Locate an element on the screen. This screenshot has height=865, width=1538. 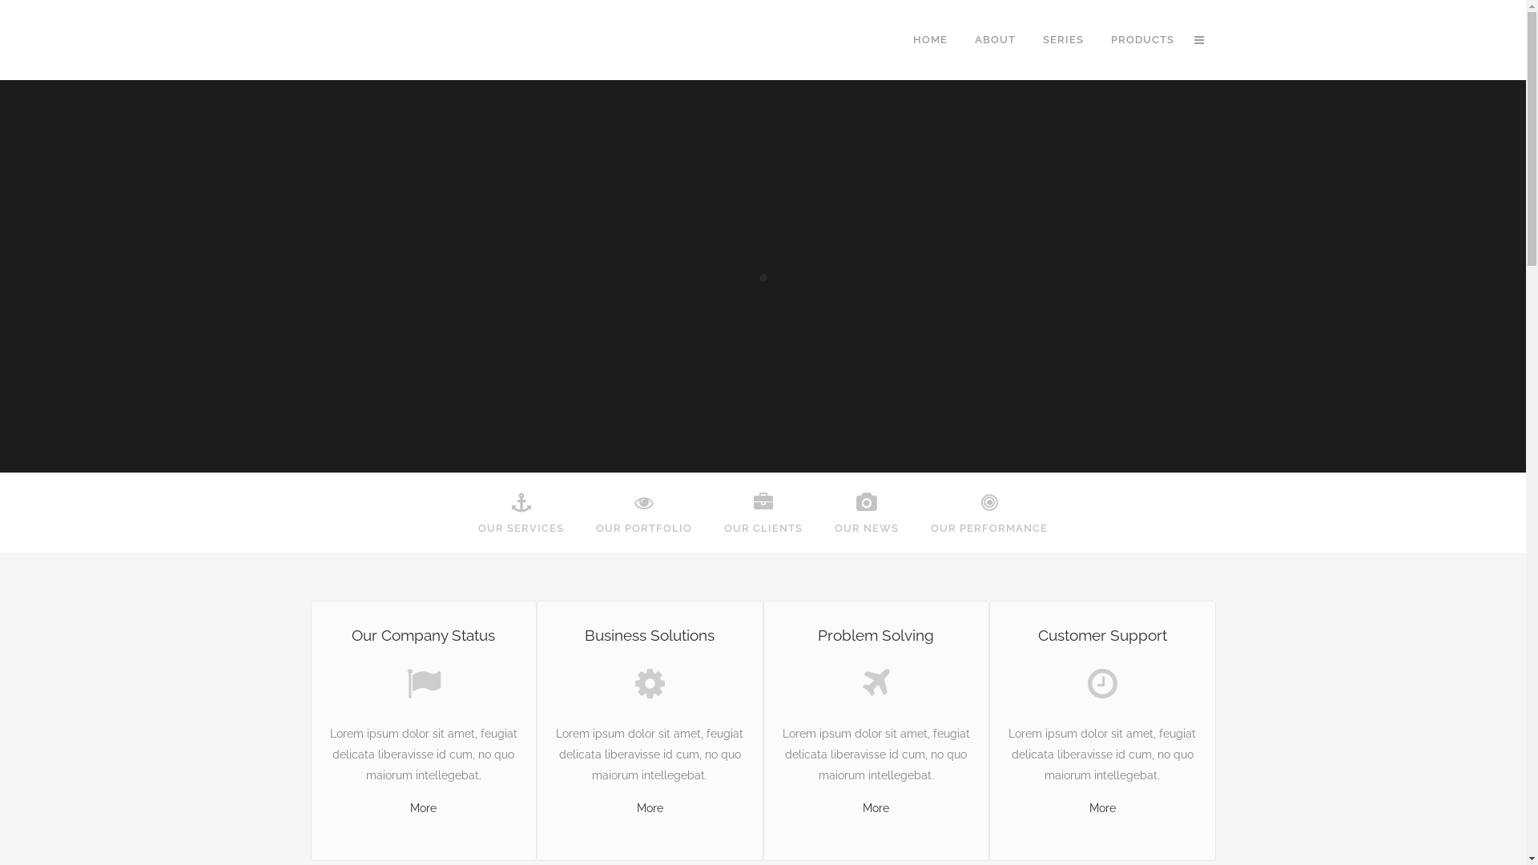
'OUR PERFORMANCE' is located at coordinates (988, 513).